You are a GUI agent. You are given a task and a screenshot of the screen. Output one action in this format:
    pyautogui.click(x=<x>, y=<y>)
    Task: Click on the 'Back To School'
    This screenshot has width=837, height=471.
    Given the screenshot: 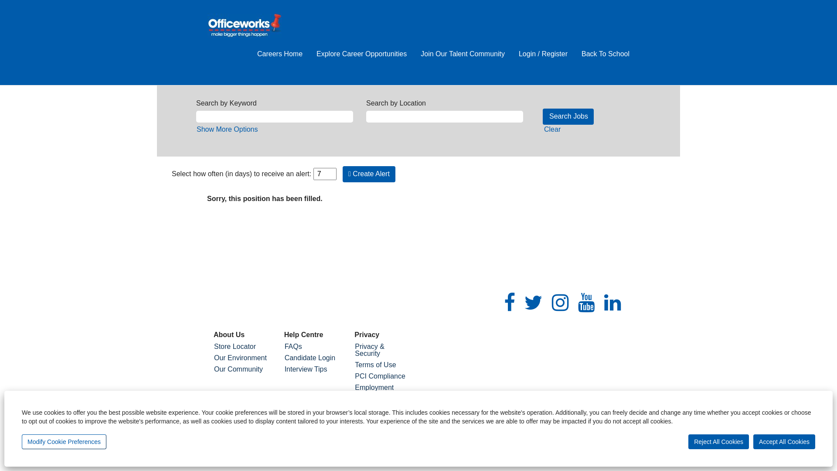 What is the action you would take?
    pyautogui.click(x=605, y=54)
    